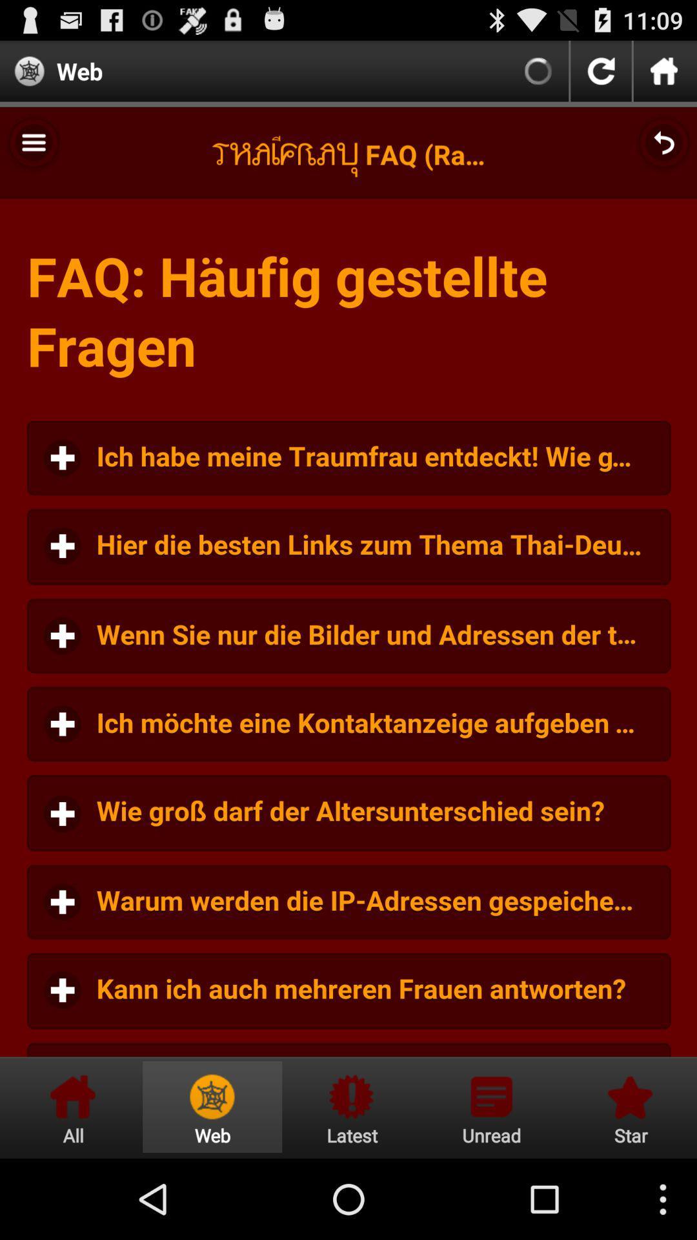 This screenshot has width=697, height=1240. Describe the element at coordinates (601, 70) in the screenshot. I see `refresh` at that location.